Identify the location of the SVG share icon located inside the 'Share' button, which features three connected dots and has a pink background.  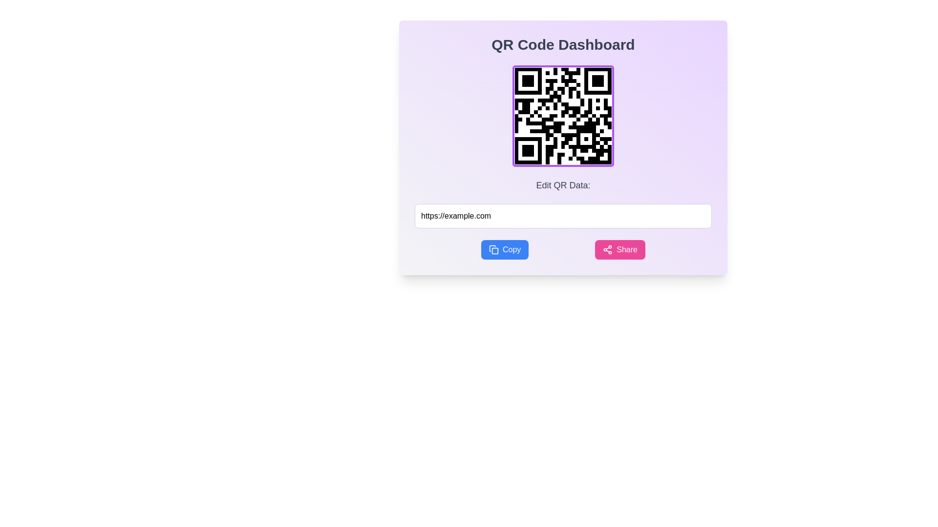
(607, 249).